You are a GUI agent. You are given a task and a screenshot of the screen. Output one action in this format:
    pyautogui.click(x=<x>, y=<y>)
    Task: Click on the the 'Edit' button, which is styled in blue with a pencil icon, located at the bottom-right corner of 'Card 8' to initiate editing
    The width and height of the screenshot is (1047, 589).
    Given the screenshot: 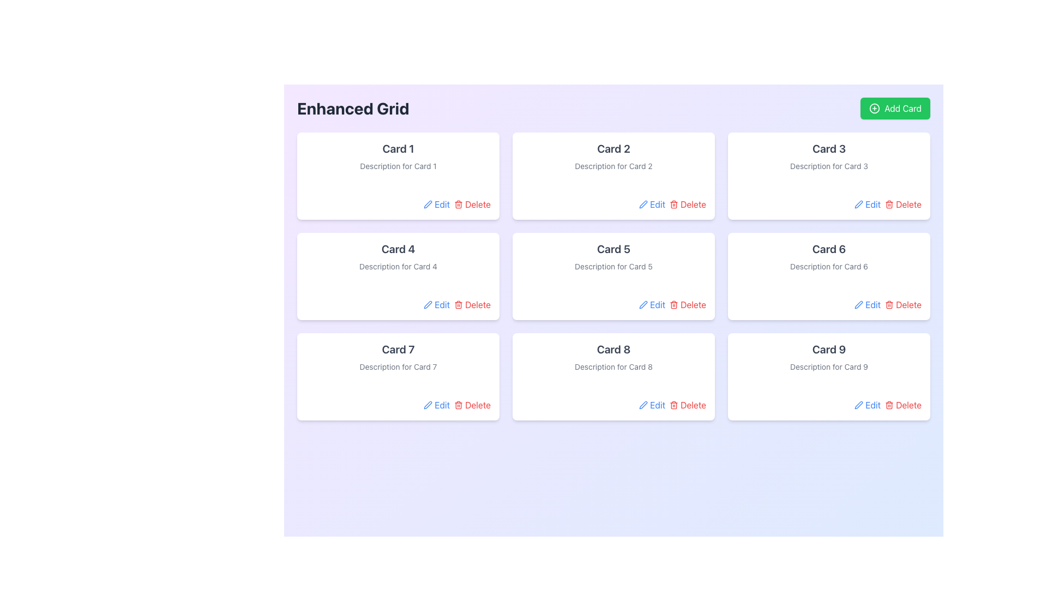 What is the action you would take?
    pyautogui.click(x=652, y=405)
    